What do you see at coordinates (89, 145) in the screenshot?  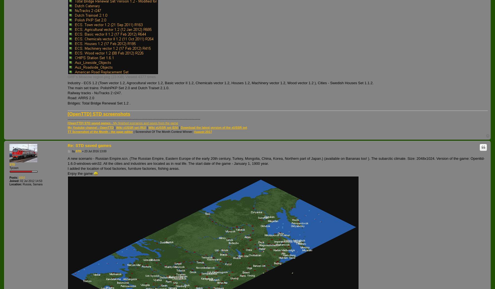 I see `'Re: STD saved games'` at bounding box center [89, 145].